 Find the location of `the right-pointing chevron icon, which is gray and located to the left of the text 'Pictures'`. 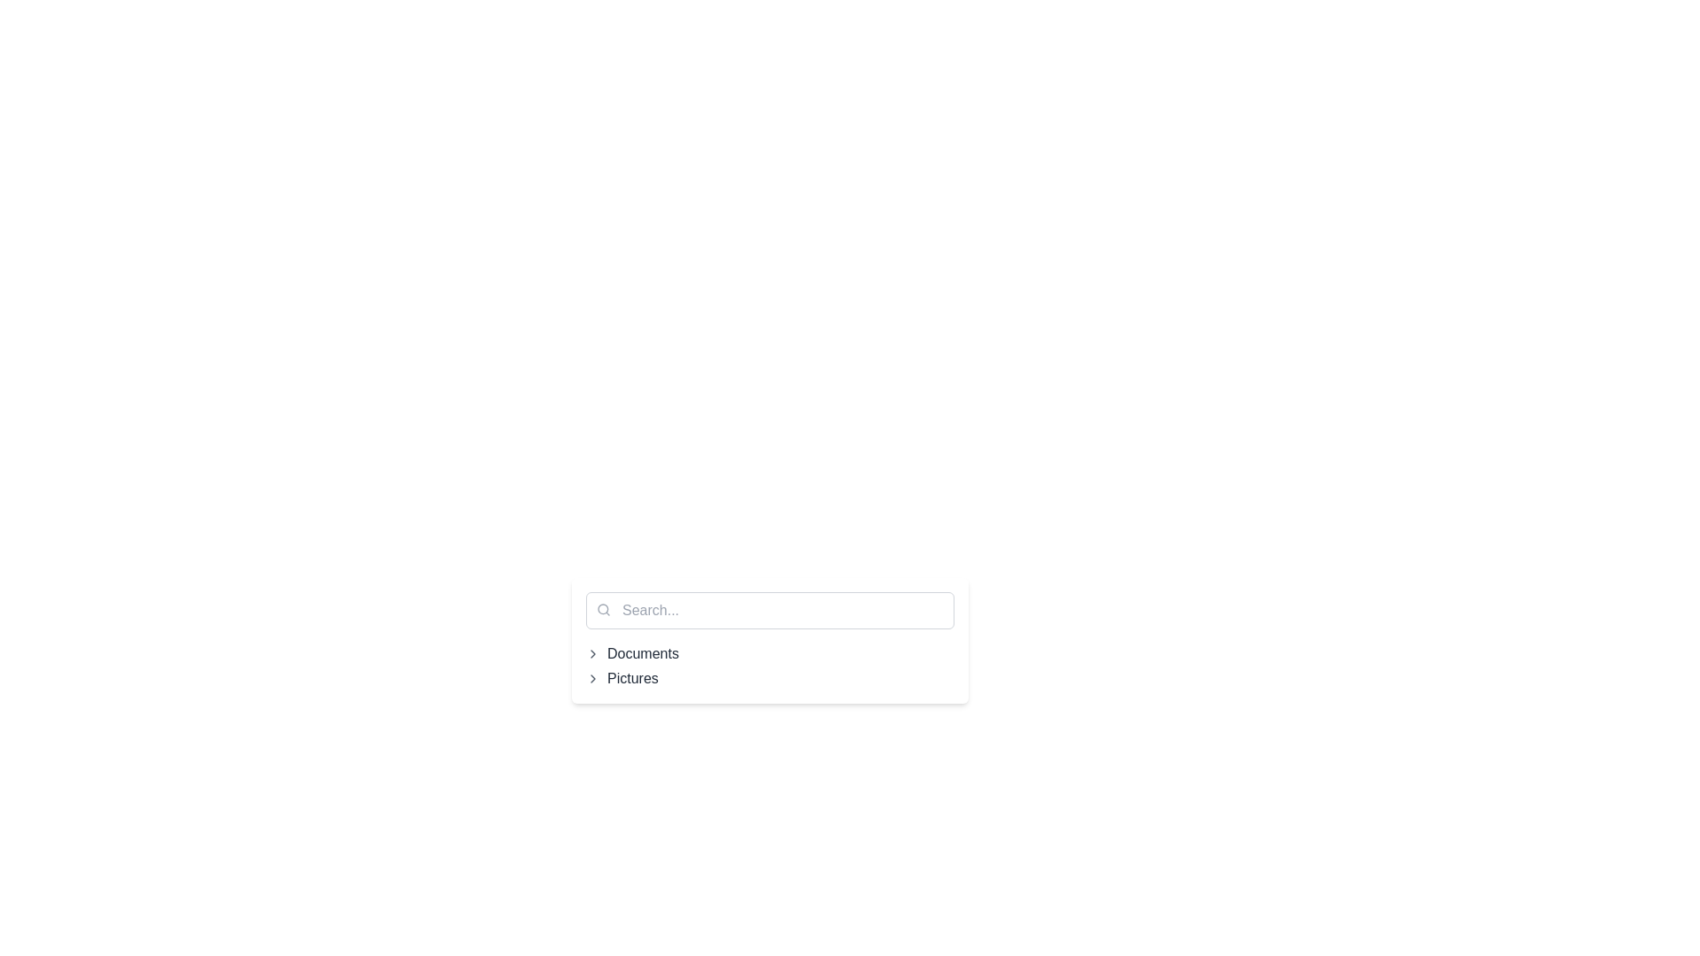

the right-pointing chevron icon, which is gray and located to the left of the text 'Pictures' is located at coordinates (593, 678).